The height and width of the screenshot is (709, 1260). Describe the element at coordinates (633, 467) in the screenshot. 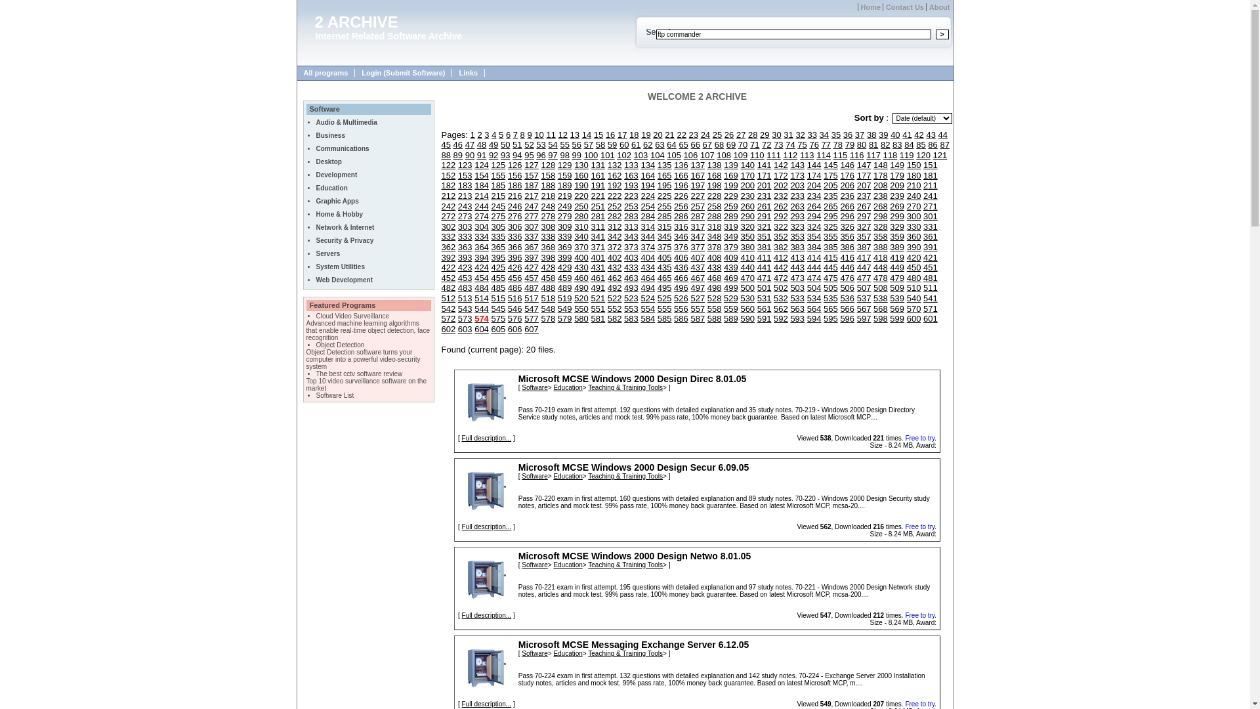

I see `'Microsoft MCSE Windows 2000 Design Secur 6.09.05'` at that location.